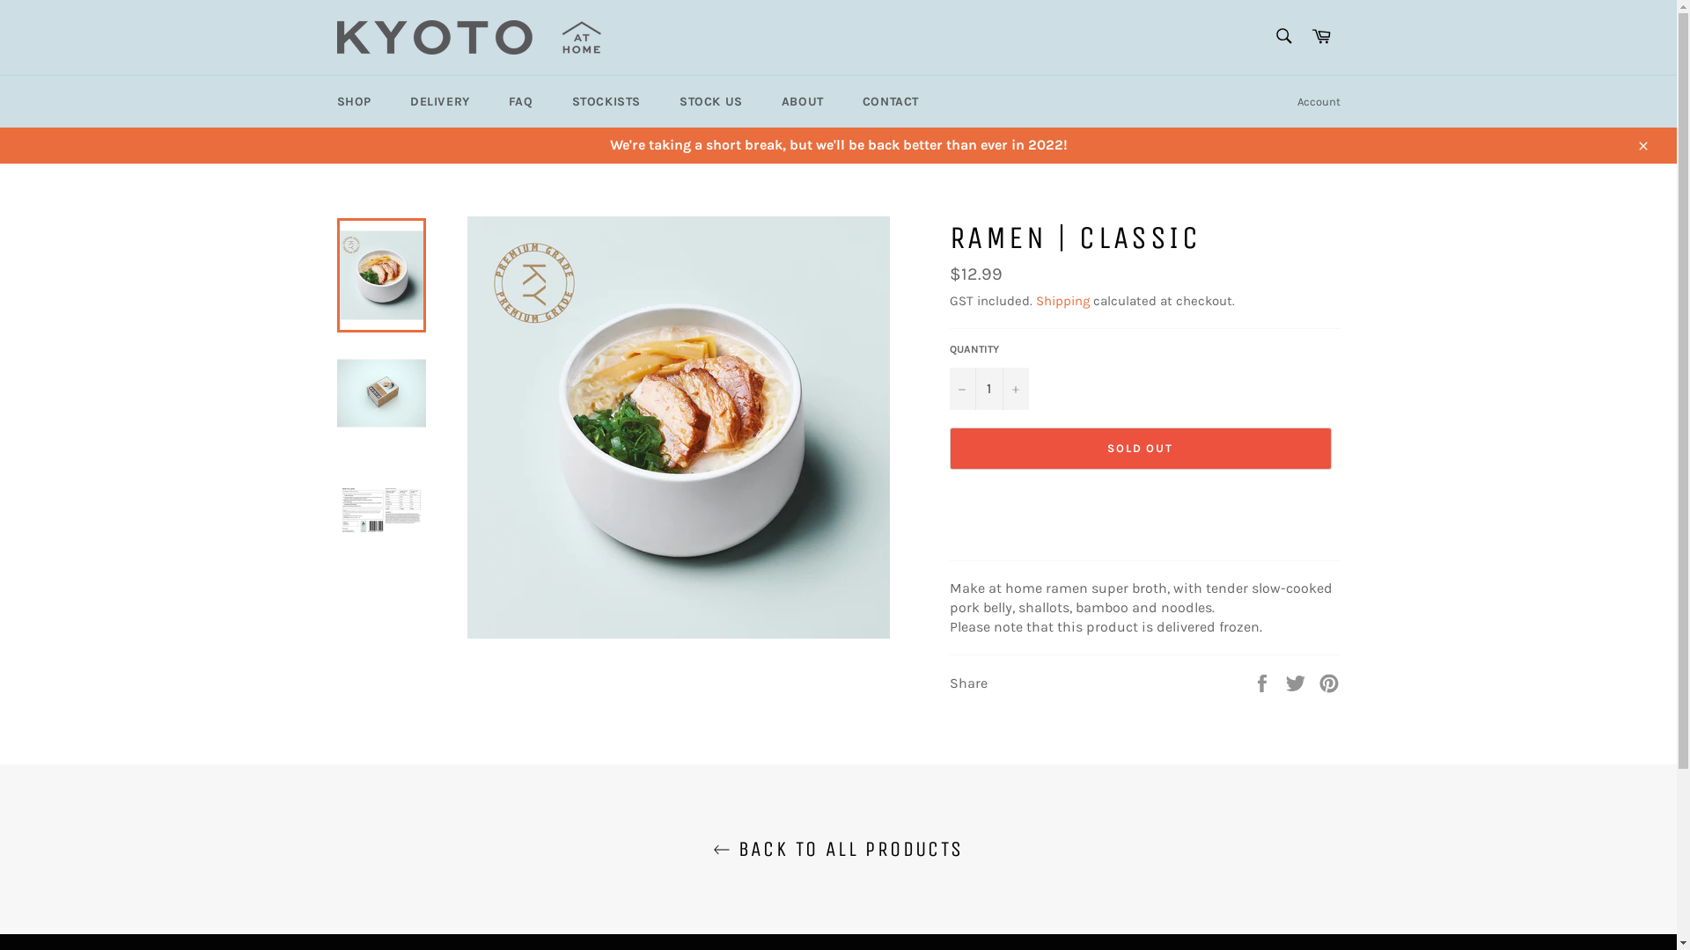  Describe the element at coordinates (710, 101) in the screenshot. I see `'STOCK US'` at that location.